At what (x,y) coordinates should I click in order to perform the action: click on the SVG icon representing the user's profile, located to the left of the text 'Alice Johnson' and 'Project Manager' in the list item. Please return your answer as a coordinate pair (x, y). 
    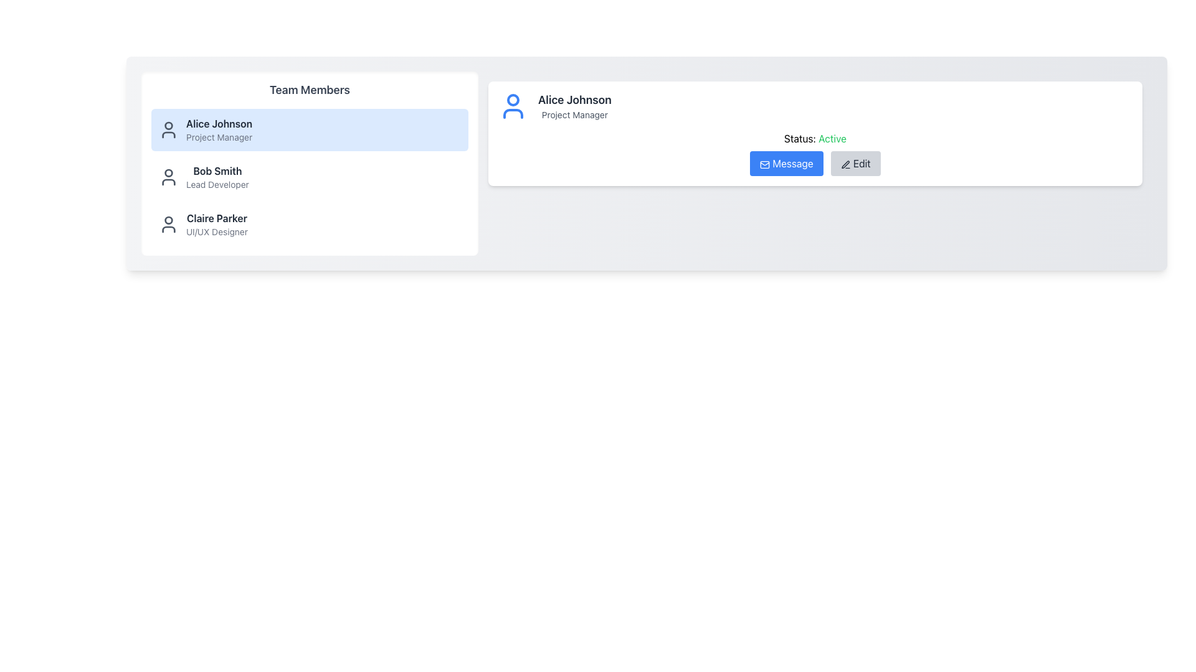
    Looking at the image, I should click on (168, 129).